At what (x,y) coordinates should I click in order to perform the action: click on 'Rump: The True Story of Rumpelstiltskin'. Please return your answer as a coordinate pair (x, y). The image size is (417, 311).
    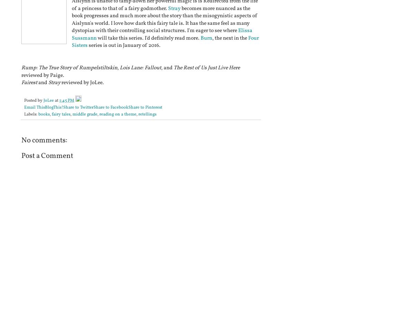
    Looking at the image, I should click on (21, 67).